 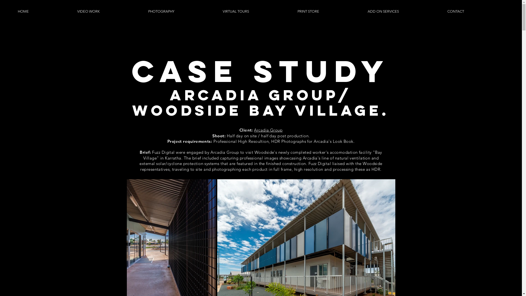 I want to click on 'CONTACT', so click(x=475, y=11).